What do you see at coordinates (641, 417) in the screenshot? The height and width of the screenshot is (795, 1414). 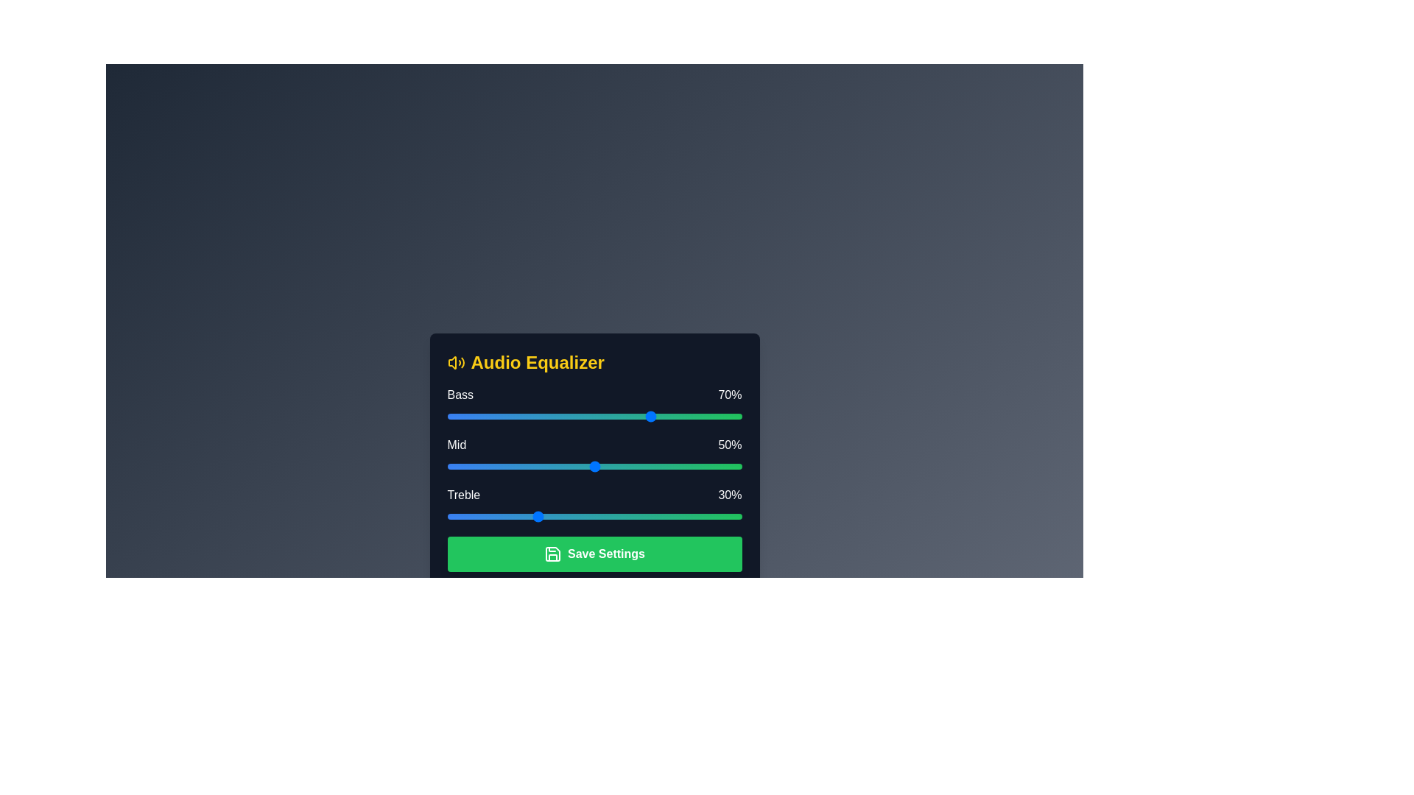 I see `the bass slider to 66%` at bounding box center [641, 417].